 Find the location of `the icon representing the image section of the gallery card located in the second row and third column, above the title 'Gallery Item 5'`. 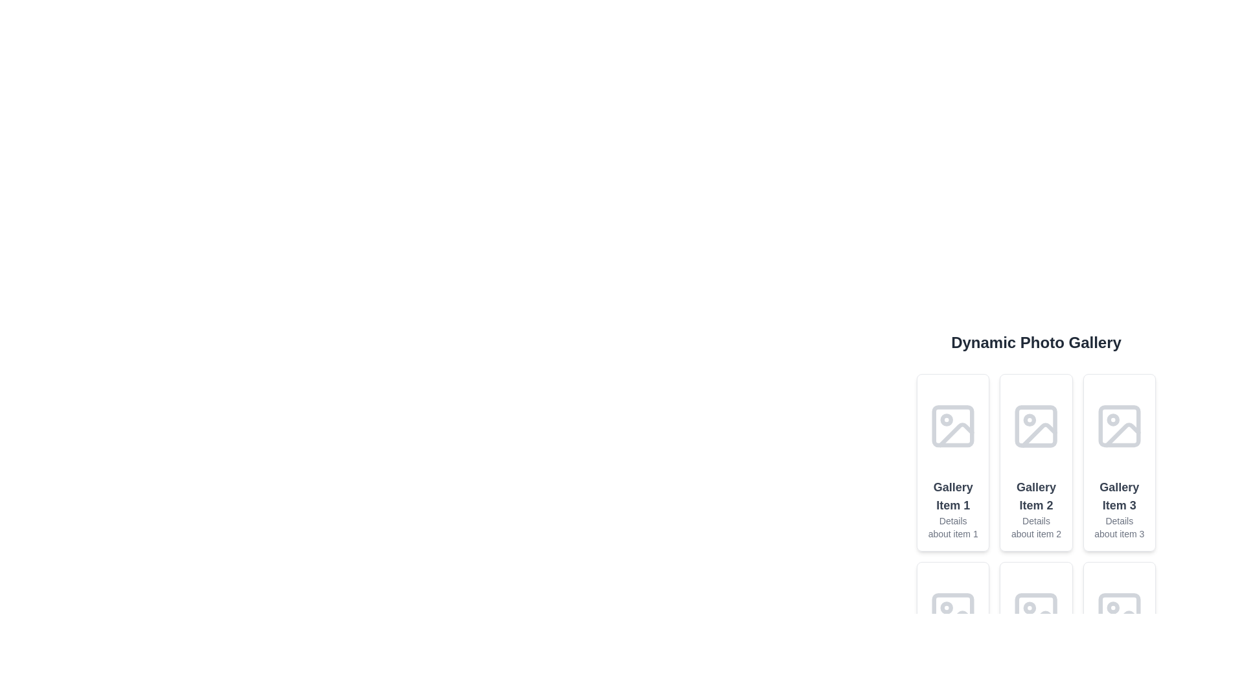

the icon representing the image section of the gallery card located in the second row and third column, above the title 'Gallery Item 5' is located at coordinates (1035, 614).